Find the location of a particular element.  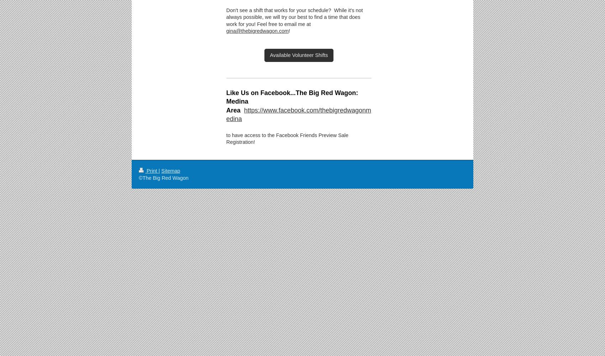

'Print' is located at coordinates (152, 171).